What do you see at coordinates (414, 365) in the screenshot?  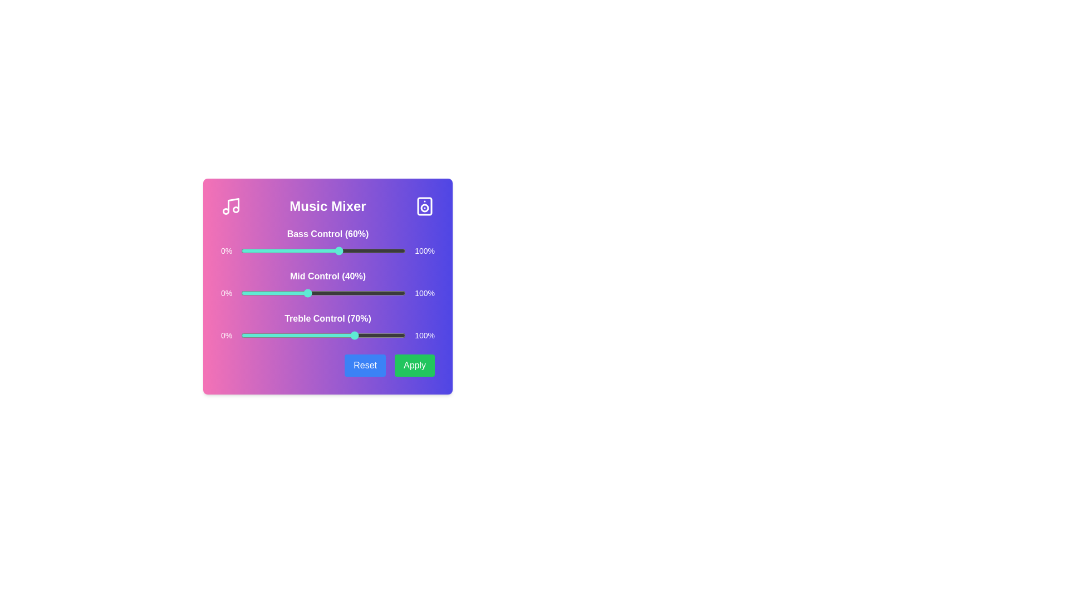 I see `the 'Apply' button` at bounding box center [414, 365].